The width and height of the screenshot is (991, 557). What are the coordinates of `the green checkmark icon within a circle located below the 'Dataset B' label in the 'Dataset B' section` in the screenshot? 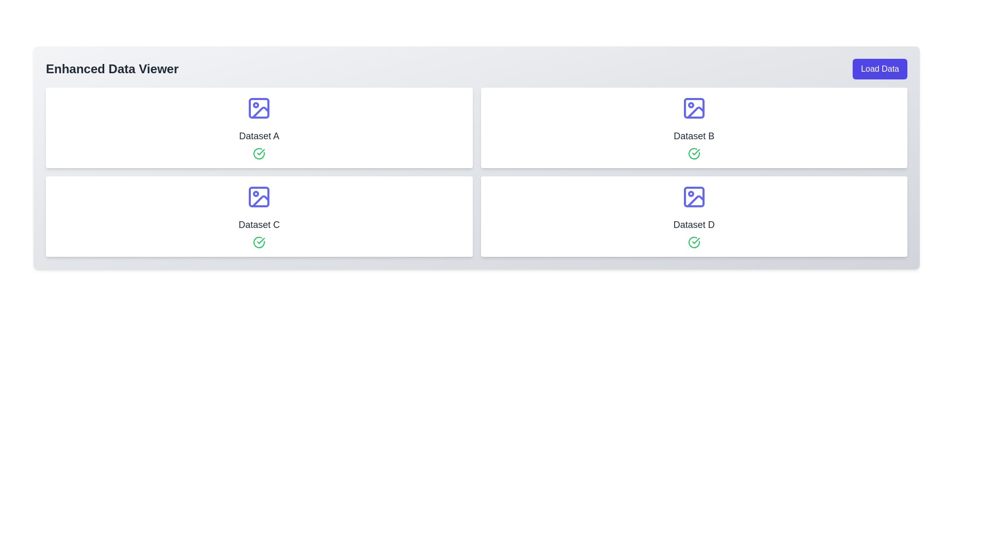 It's located at (694, 153).